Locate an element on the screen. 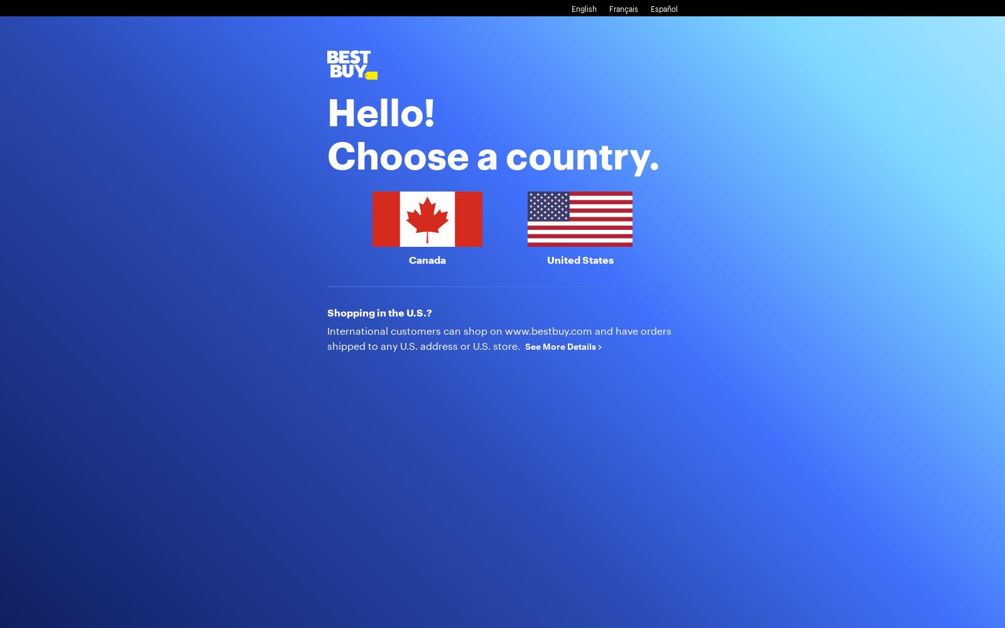 This screenshot has width=1005, height=628. 'Hello!' is located at coordinates (381, 111).